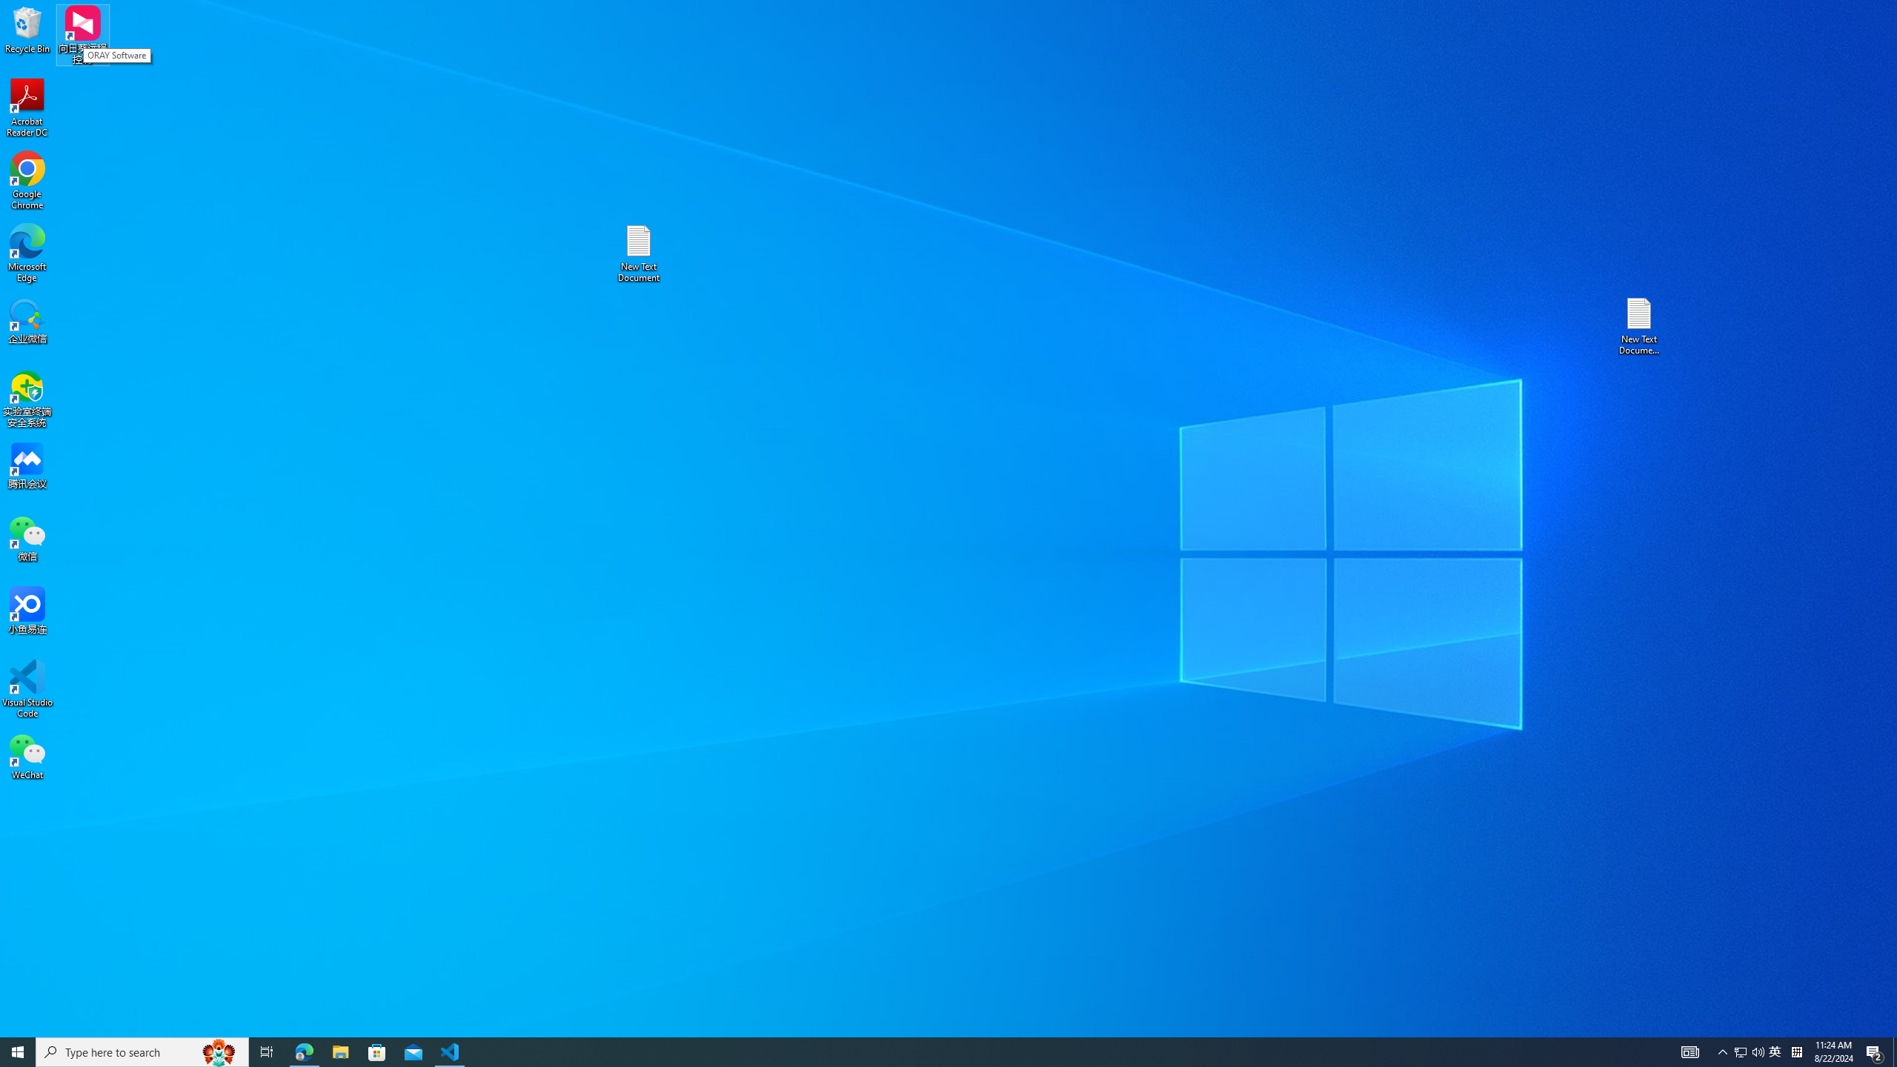  Describe the element at coordinates (1894, 1051) in the screenshot. I see `'Show desktop'` at that location.